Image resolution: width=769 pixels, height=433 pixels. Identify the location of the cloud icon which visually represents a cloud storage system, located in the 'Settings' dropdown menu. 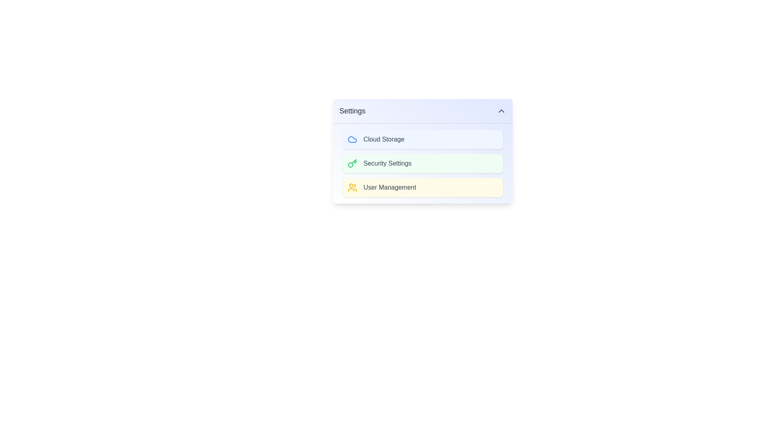
(352, 139).